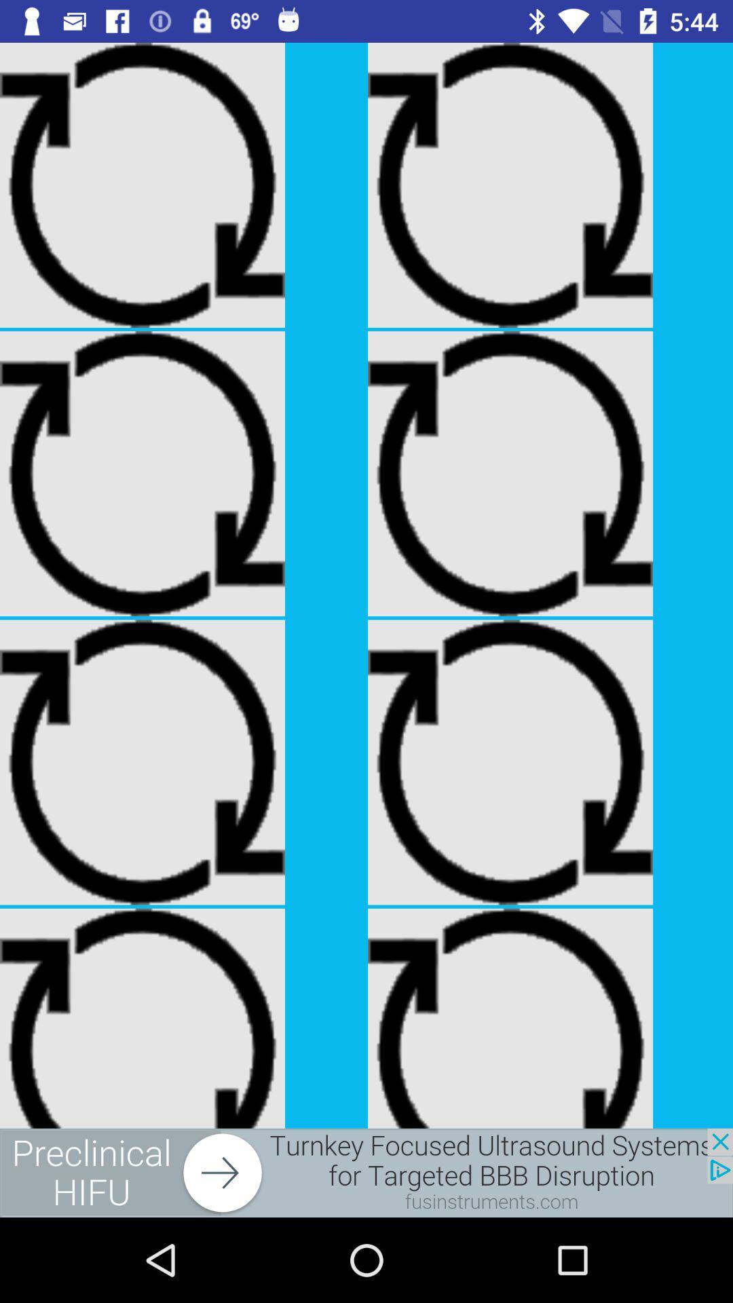  What do you see at coordinates (366, 1172) in the screenshot?
I see `advertisement image` at bounding box center [366, 1172].